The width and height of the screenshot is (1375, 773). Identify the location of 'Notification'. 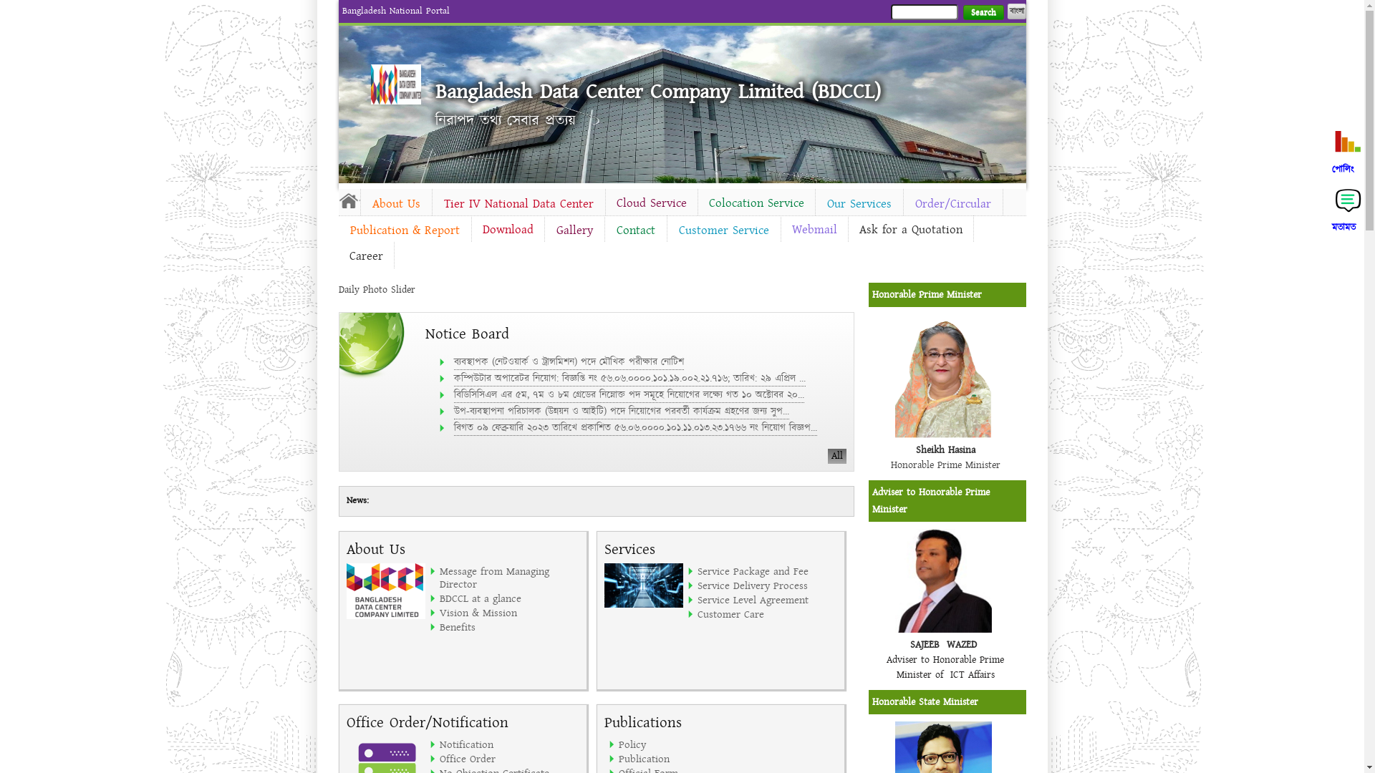
(509, 744).